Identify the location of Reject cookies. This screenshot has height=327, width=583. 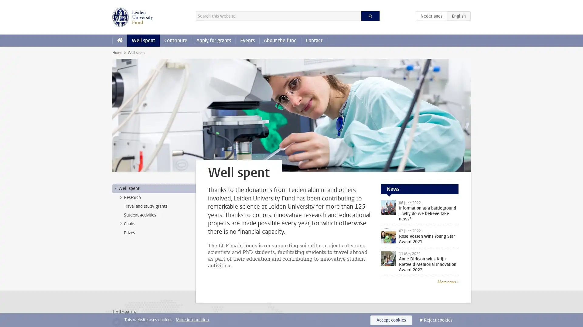
(438, 320).